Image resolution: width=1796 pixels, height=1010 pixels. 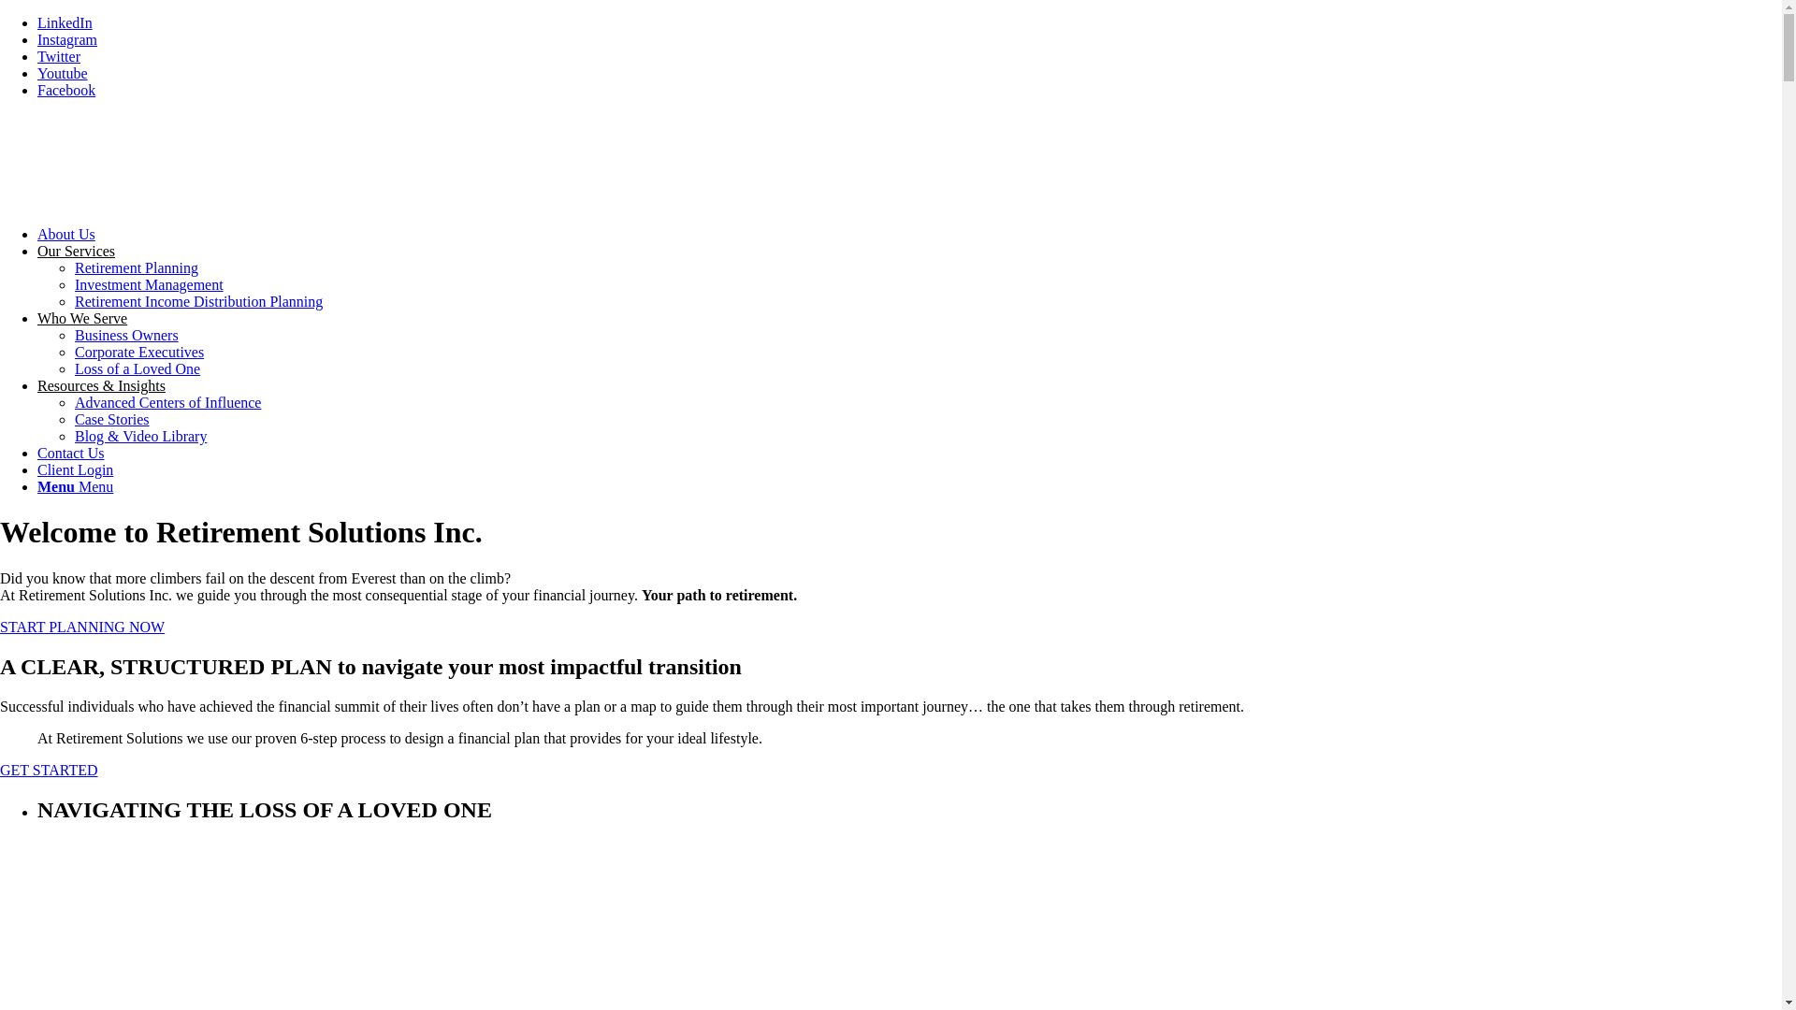 What do you see at coordinates (111, 418) in the screenshot?
I see `'Case Stories'` at bounding box center [111, 418].